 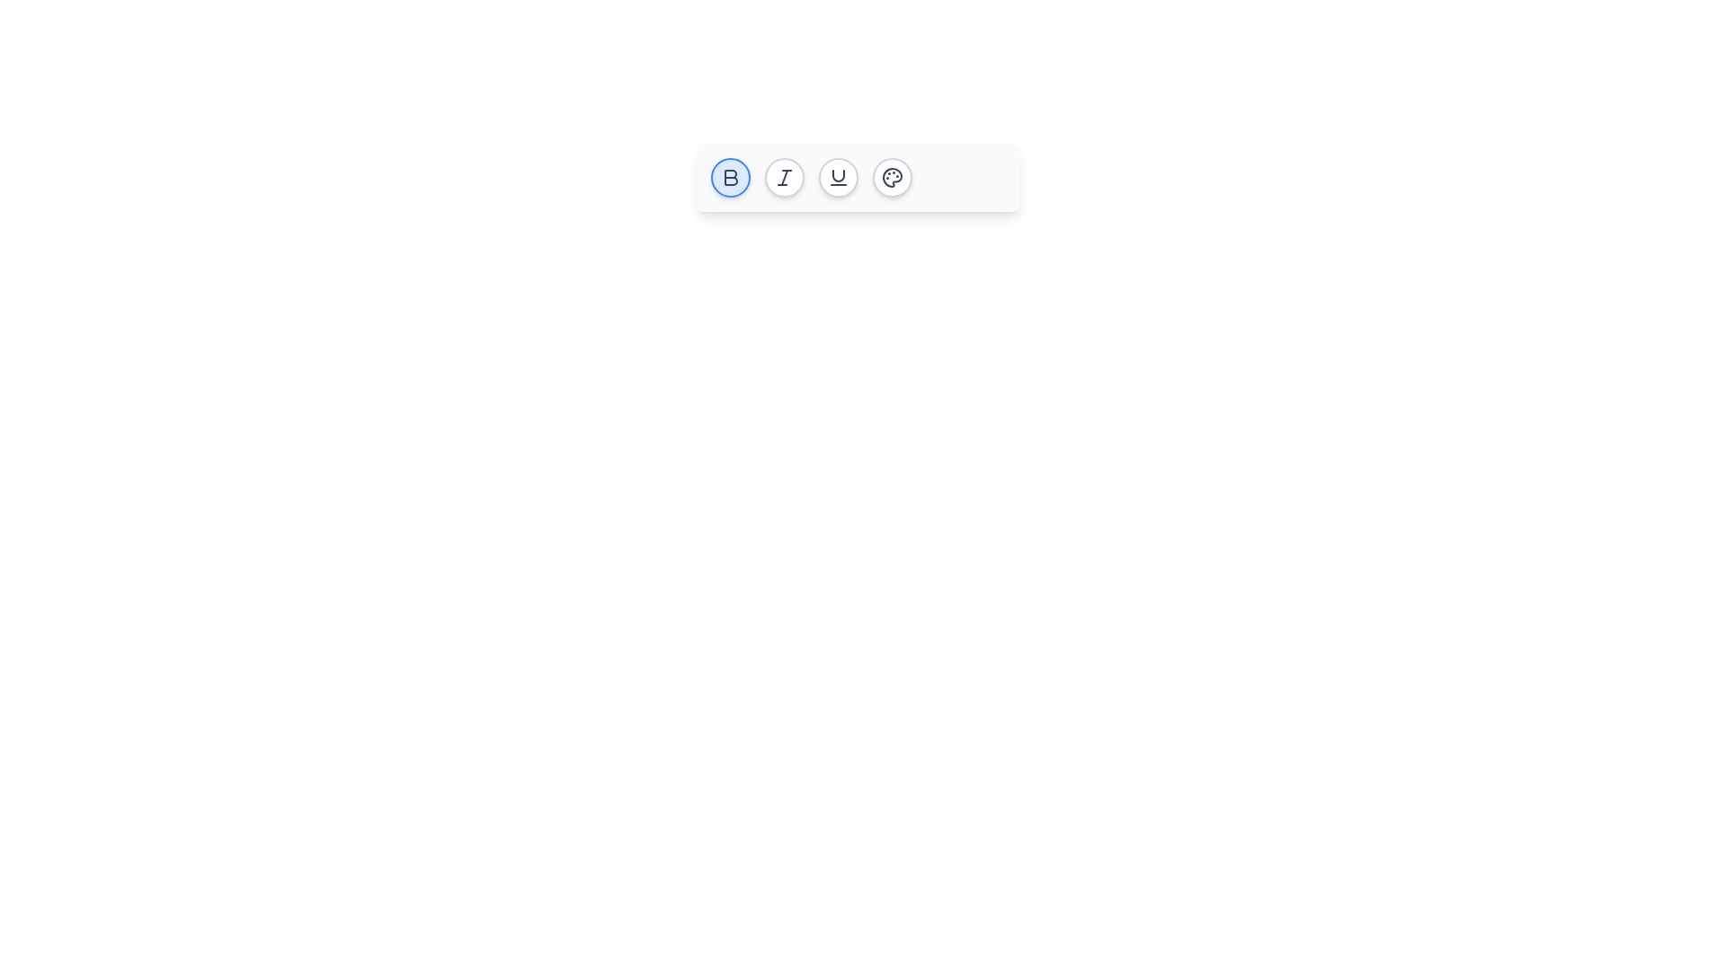 I want to click on the italic formatting icon, which is the second icon from the left in a row of four circular icons, to apply italic styling to the text, so click(x=785, y=177).